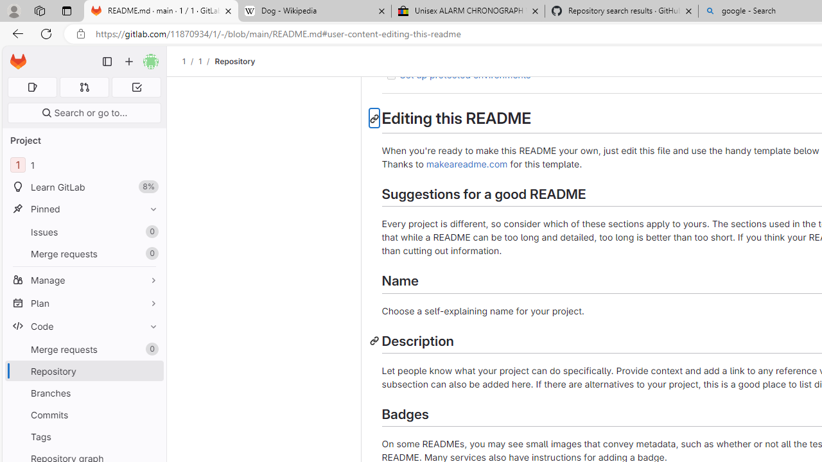 The width and height of the screenshot is (822, 462). I want to click on 'Unpin Issues', so click(150, 232).